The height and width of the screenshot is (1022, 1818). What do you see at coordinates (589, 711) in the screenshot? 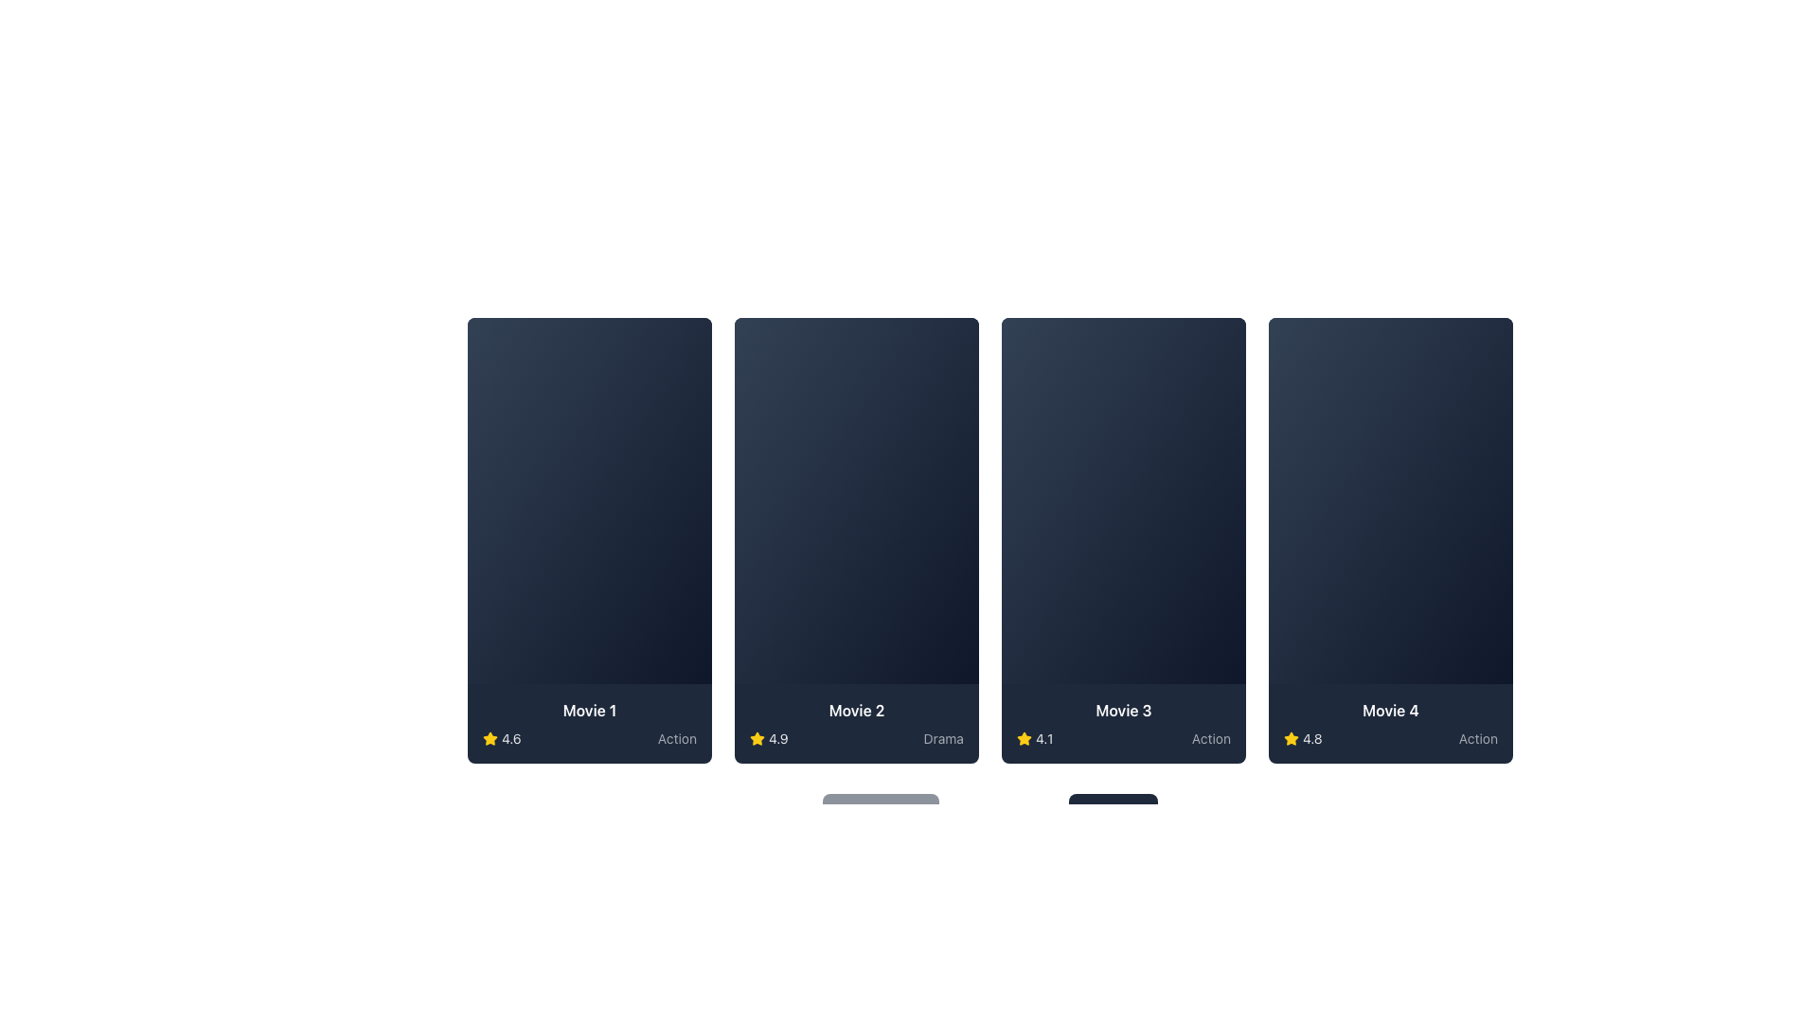
I see `the text label displaying the movie title at the top center of the bottom section of the first card in the four-card layout` at bounding box center [589, 711].